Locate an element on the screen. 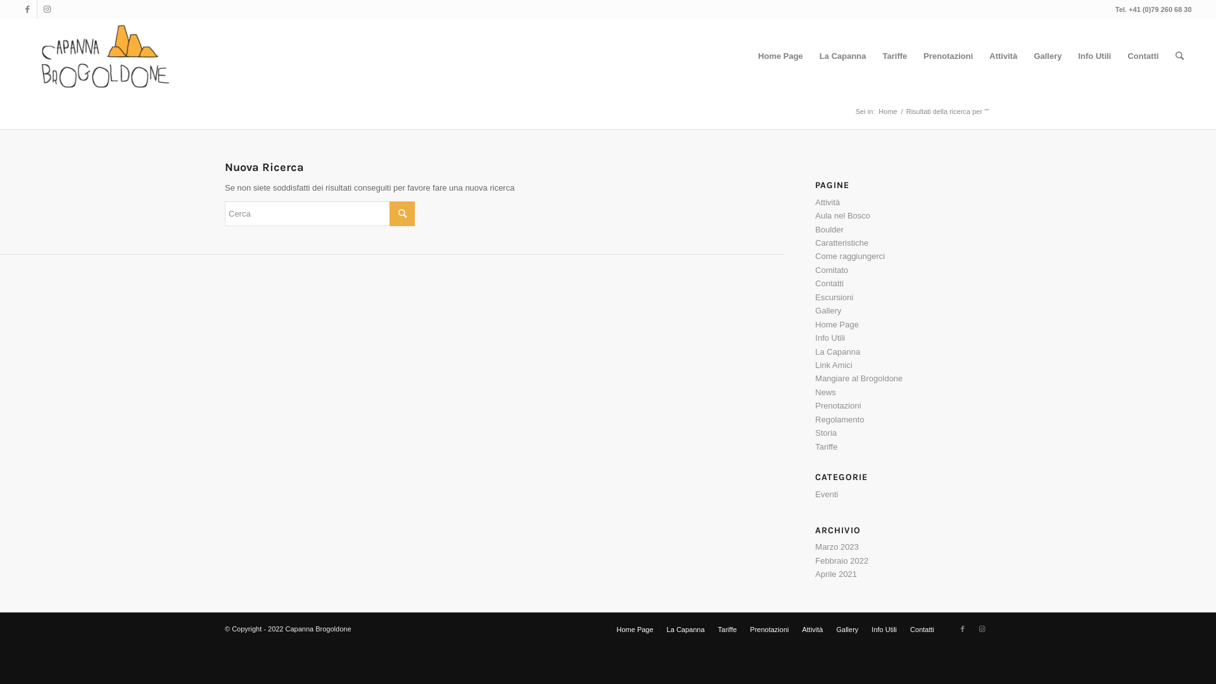  'Gallery' is located at coordinates (828, 310).